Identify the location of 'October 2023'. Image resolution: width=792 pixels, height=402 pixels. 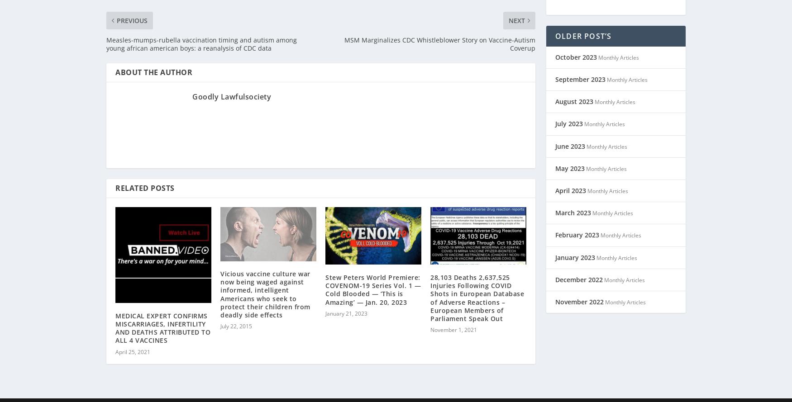
(575, 45).